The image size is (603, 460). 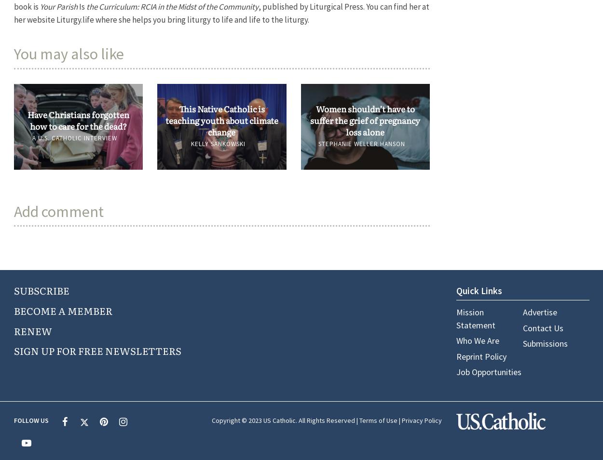 What do you see at coordinates (78, 120) in the screenshot?
I see `'Have Christians forgotten how to care for the dead?'` at bounding box center [78, 120].